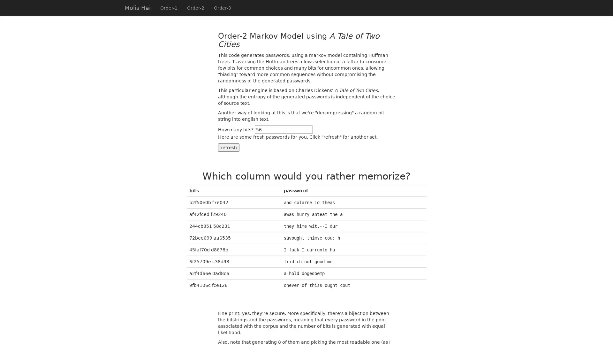 This screenshot has height=345, width=613. What do you see at coordinates (228, 147) in the screenshot?
I see `refresh` at bounding box center [228, 147].